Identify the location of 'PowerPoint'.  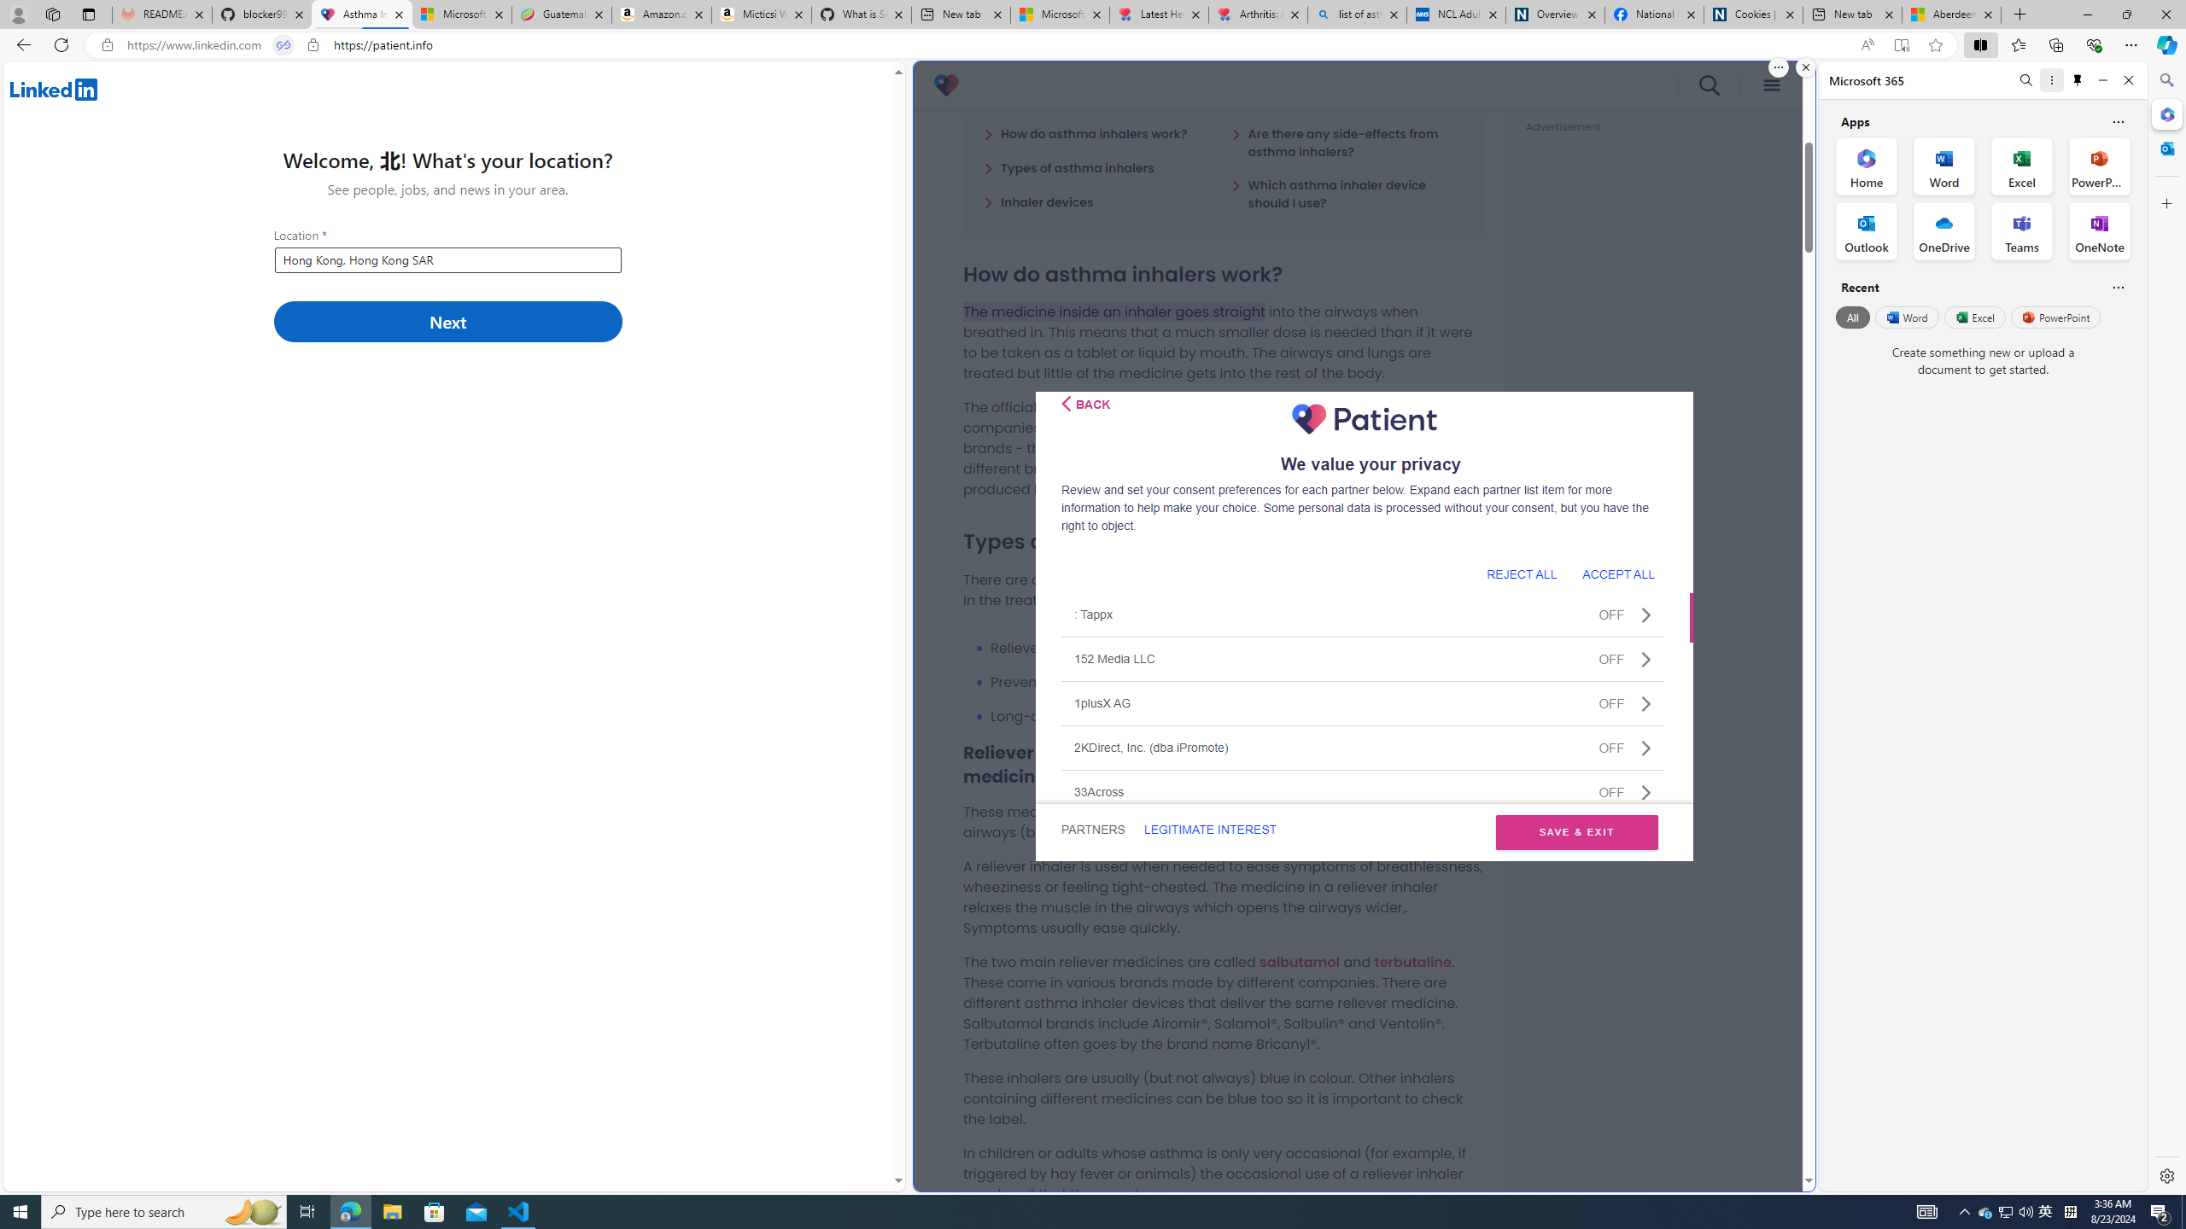
(2054, 317).